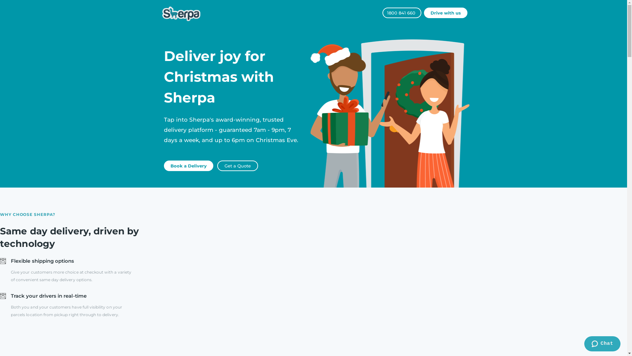  What do you see at coordinates (401, 13) in the screenshot?
I see `'1800 841 660'` at bounding box center [401, 13].